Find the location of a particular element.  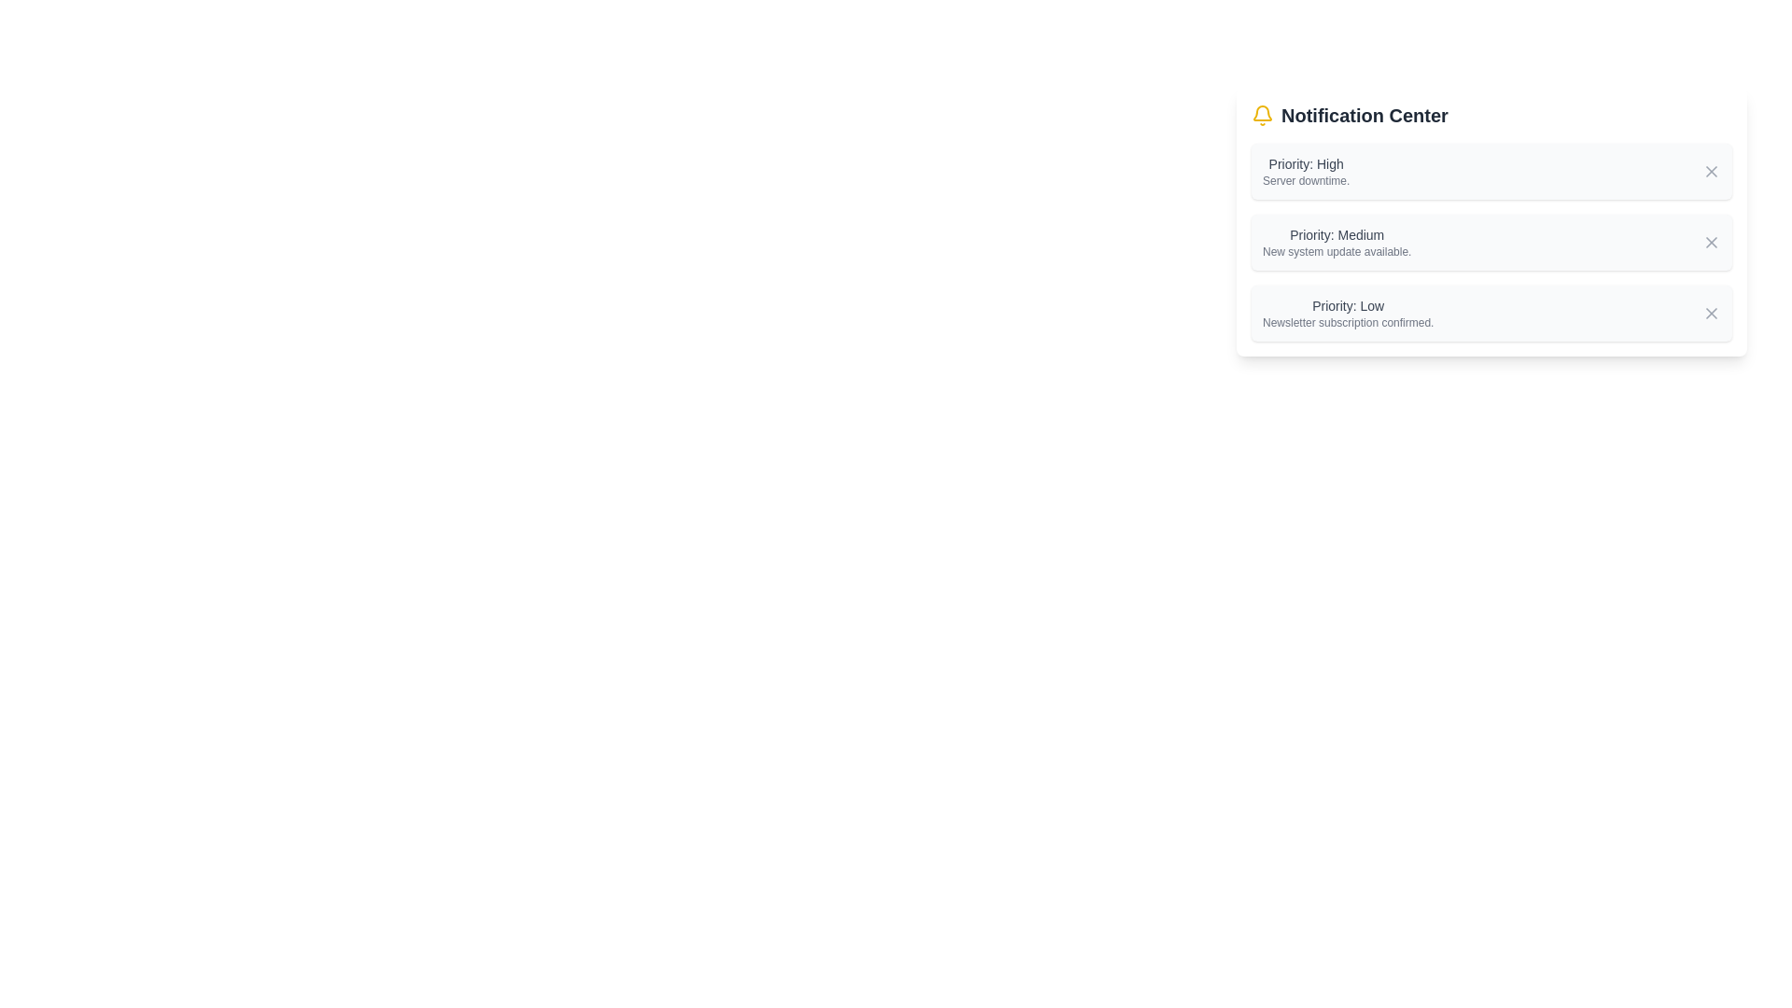

the notification with priority Low is located at coordinates (1348, 312).